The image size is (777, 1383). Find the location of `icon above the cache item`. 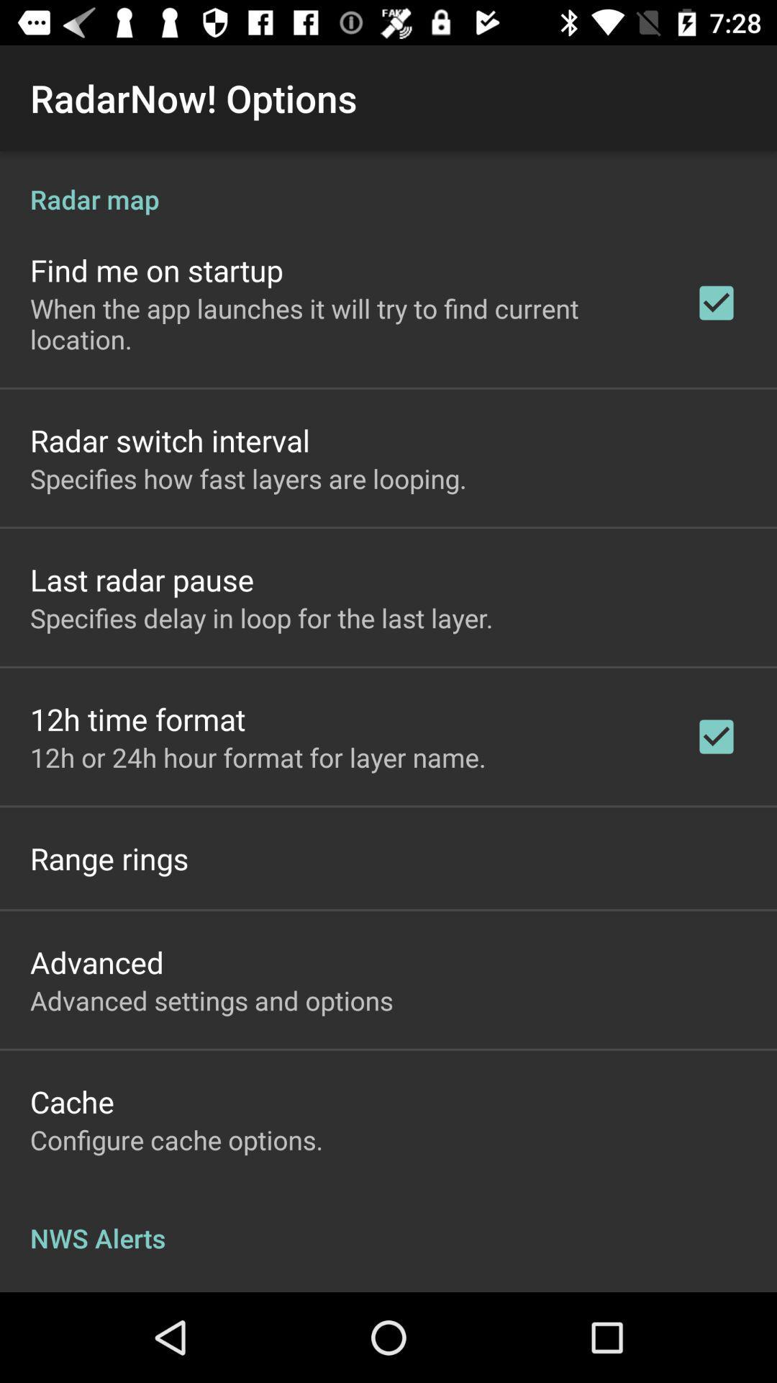

icon above the cache item is located at coordinates (212, 999).